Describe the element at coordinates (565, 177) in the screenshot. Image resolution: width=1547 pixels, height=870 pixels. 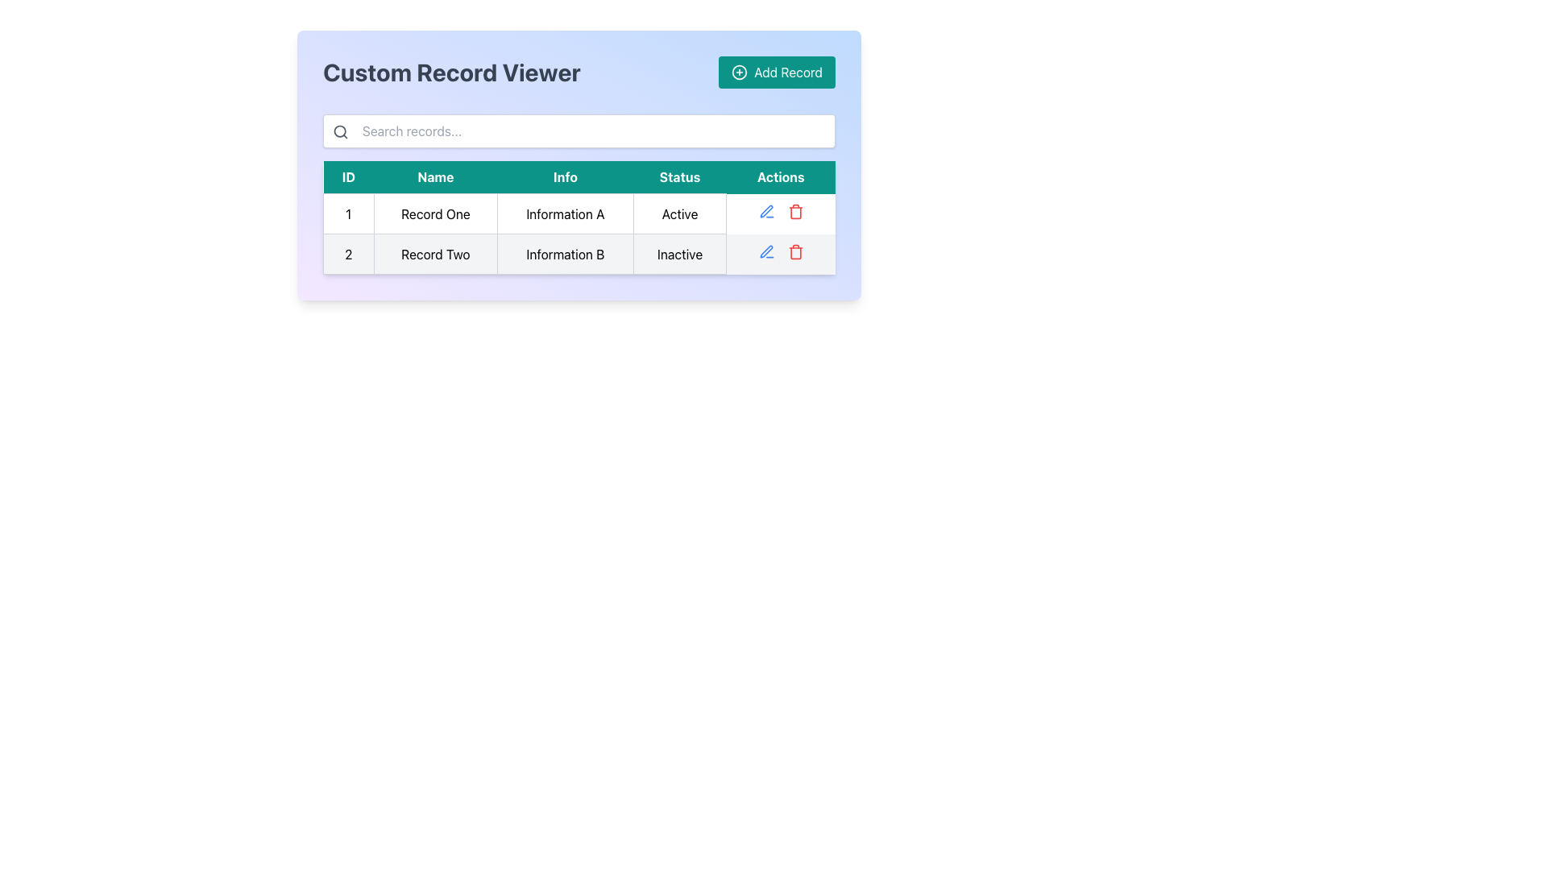
I see `the third label in the sequence of five sibling labels, which serves as a column header between the 'Name' and 'Status' labels at the top of the table` at that location.